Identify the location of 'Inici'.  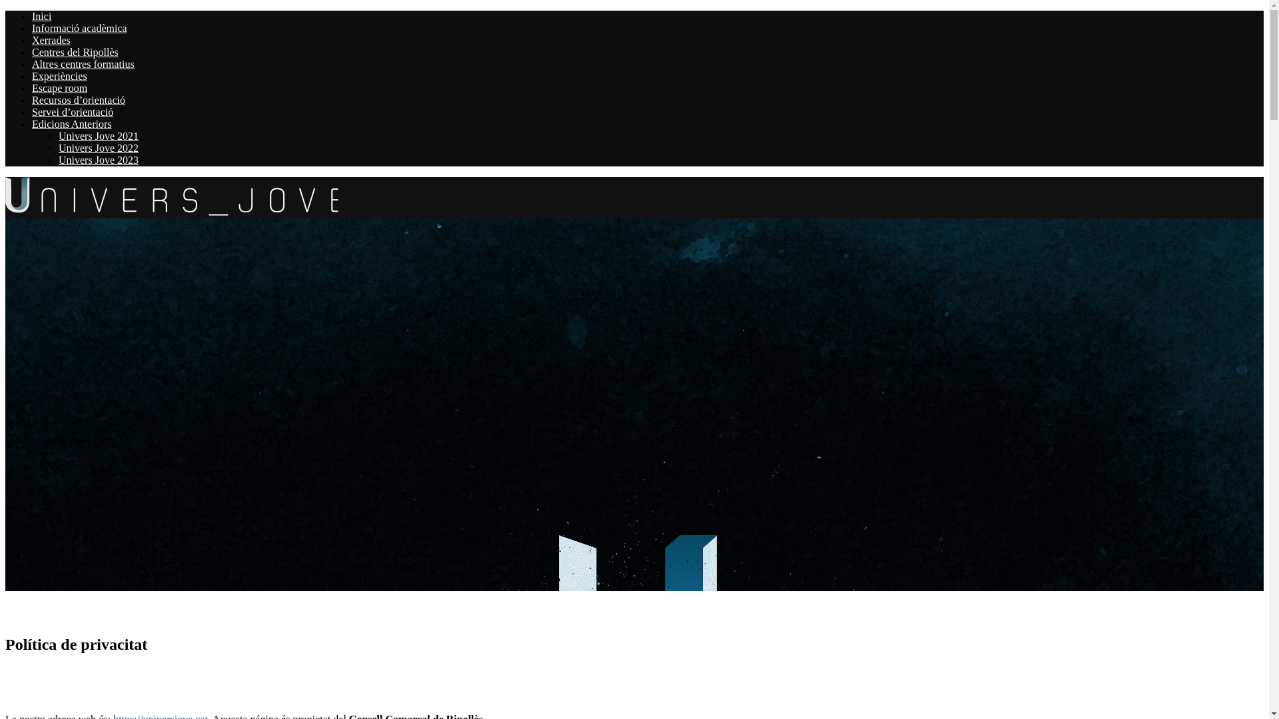
(41, 16).